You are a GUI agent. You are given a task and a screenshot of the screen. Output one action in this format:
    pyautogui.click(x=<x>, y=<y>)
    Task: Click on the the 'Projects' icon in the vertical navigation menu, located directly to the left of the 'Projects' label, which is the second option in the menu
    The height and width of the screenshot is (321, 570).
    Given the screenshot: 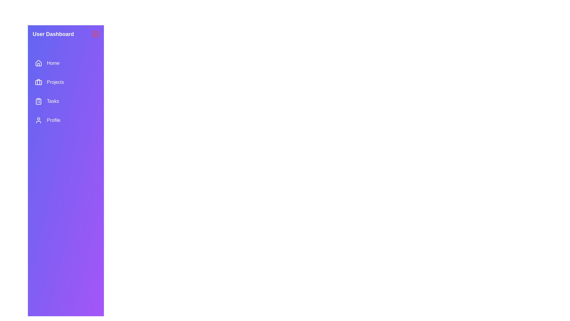 What is the action you would take?
    pyautogui.click(x=38, y=82)
    